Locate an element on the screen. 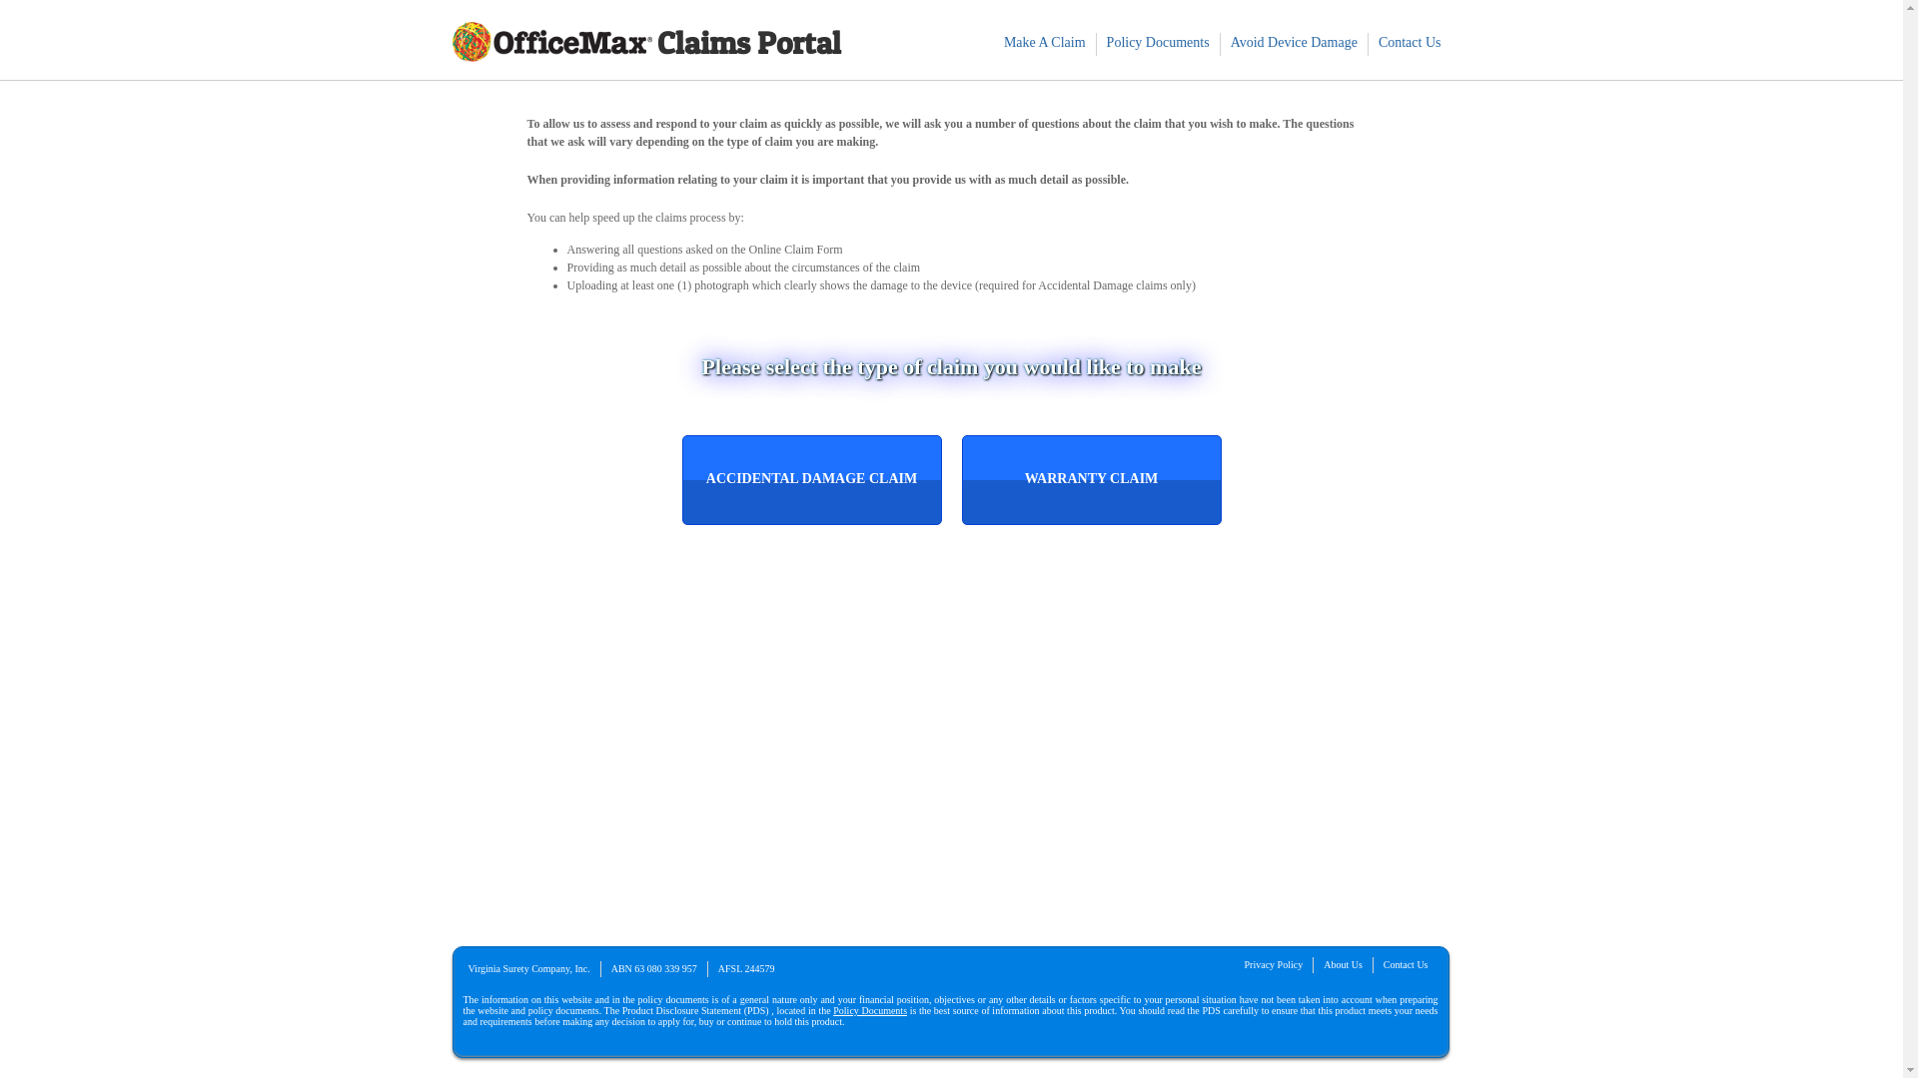 The height and width of the screenshot is (1078, 1918). 'Privacy Policy' is located at coordinates (1273, 963).